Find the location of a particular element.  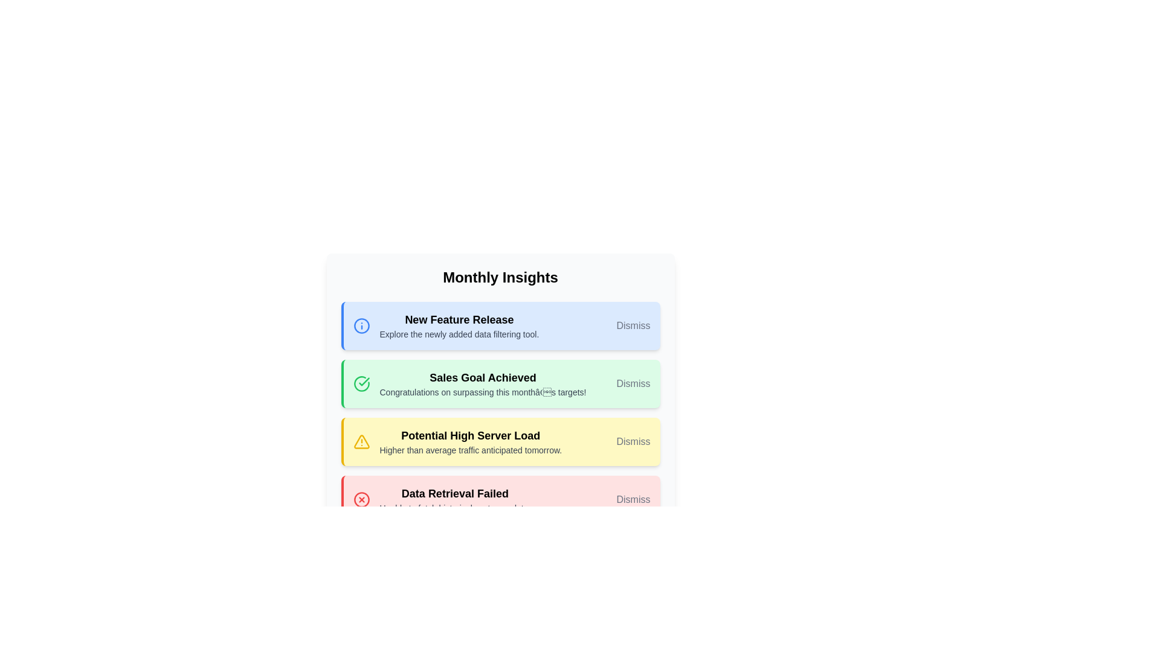

the 'Dismiss' button located in the top-right corner of the yellow notification card titled 'Potential High Server Load' is located at coordinates (633, 442).